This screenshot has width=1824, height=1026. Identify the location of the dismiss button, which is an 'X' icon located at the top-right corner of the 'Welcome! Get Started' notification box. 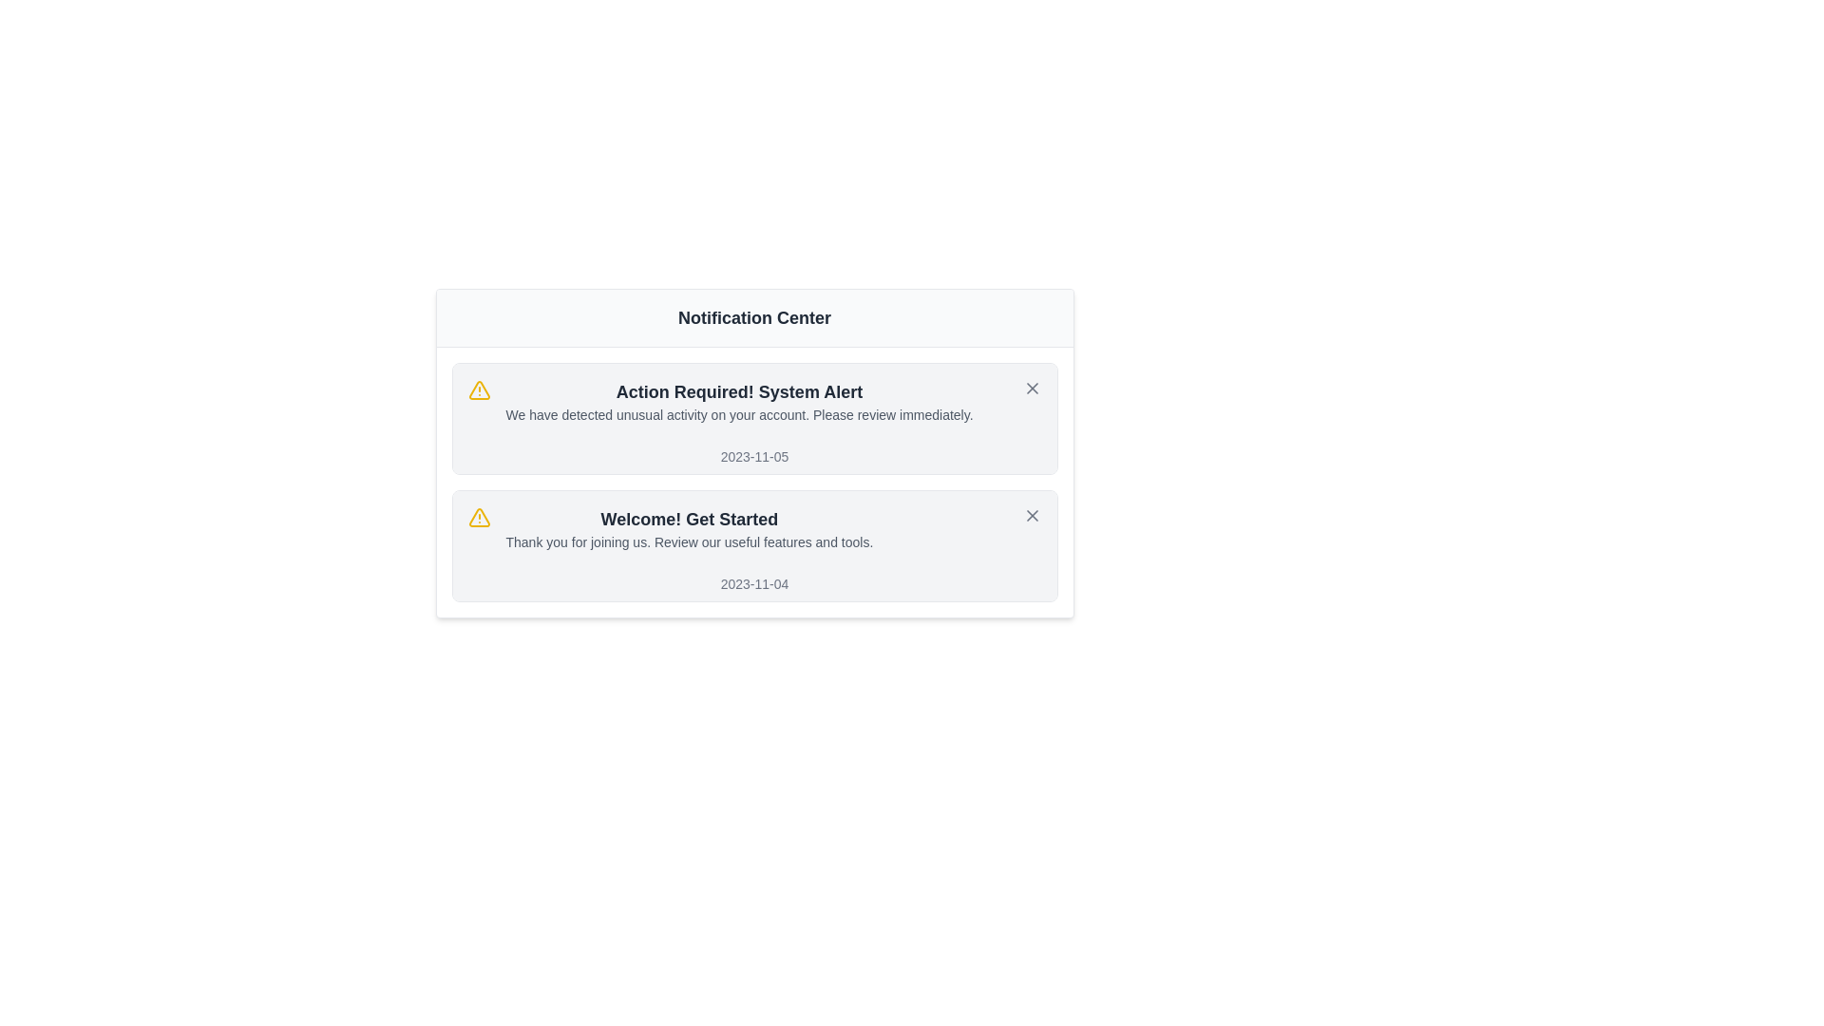
(1031, 516).